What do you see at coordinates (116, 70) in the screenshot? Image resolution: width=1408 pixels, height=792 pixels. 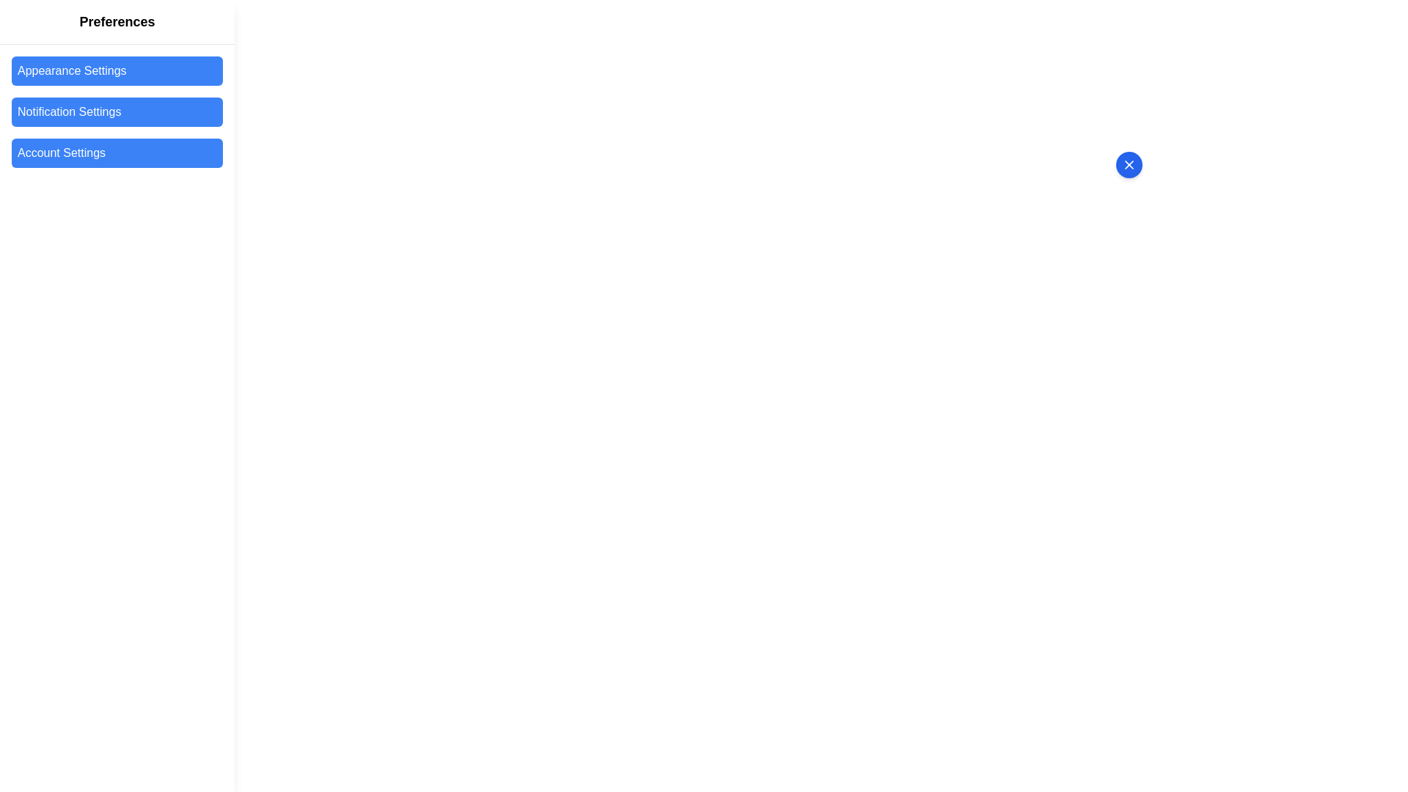 I see `the 'Appearance Settings' button, which is the first button in the list under the 'Preferences' section` at bounding box center [116, 70].